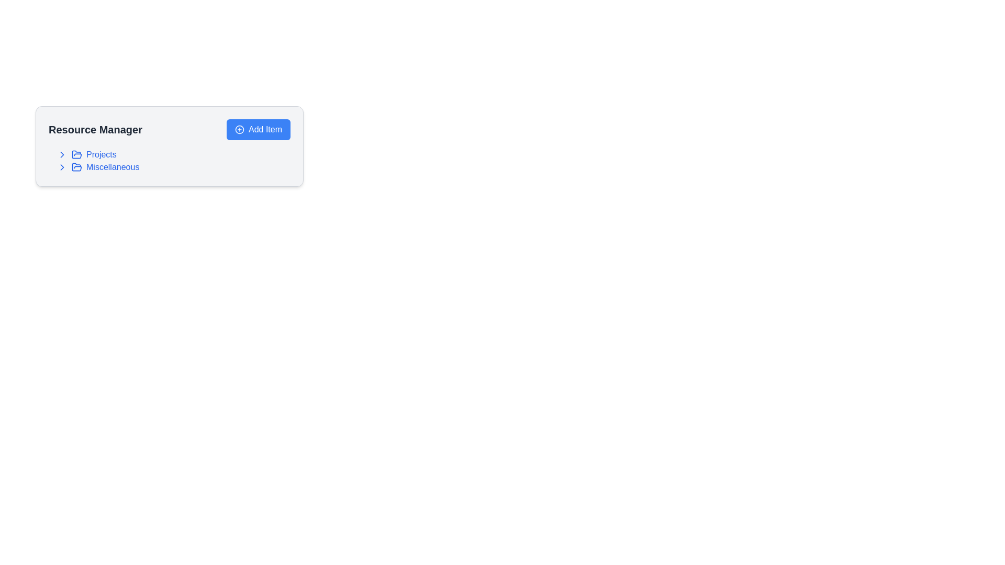 This screenshot has width=1005, height=565. Describe the element at coordinates (113, 167) in the screenshot. I see `the 'Miscellaneous' label in blue text located in the Resource Manager sidebar` at that location.